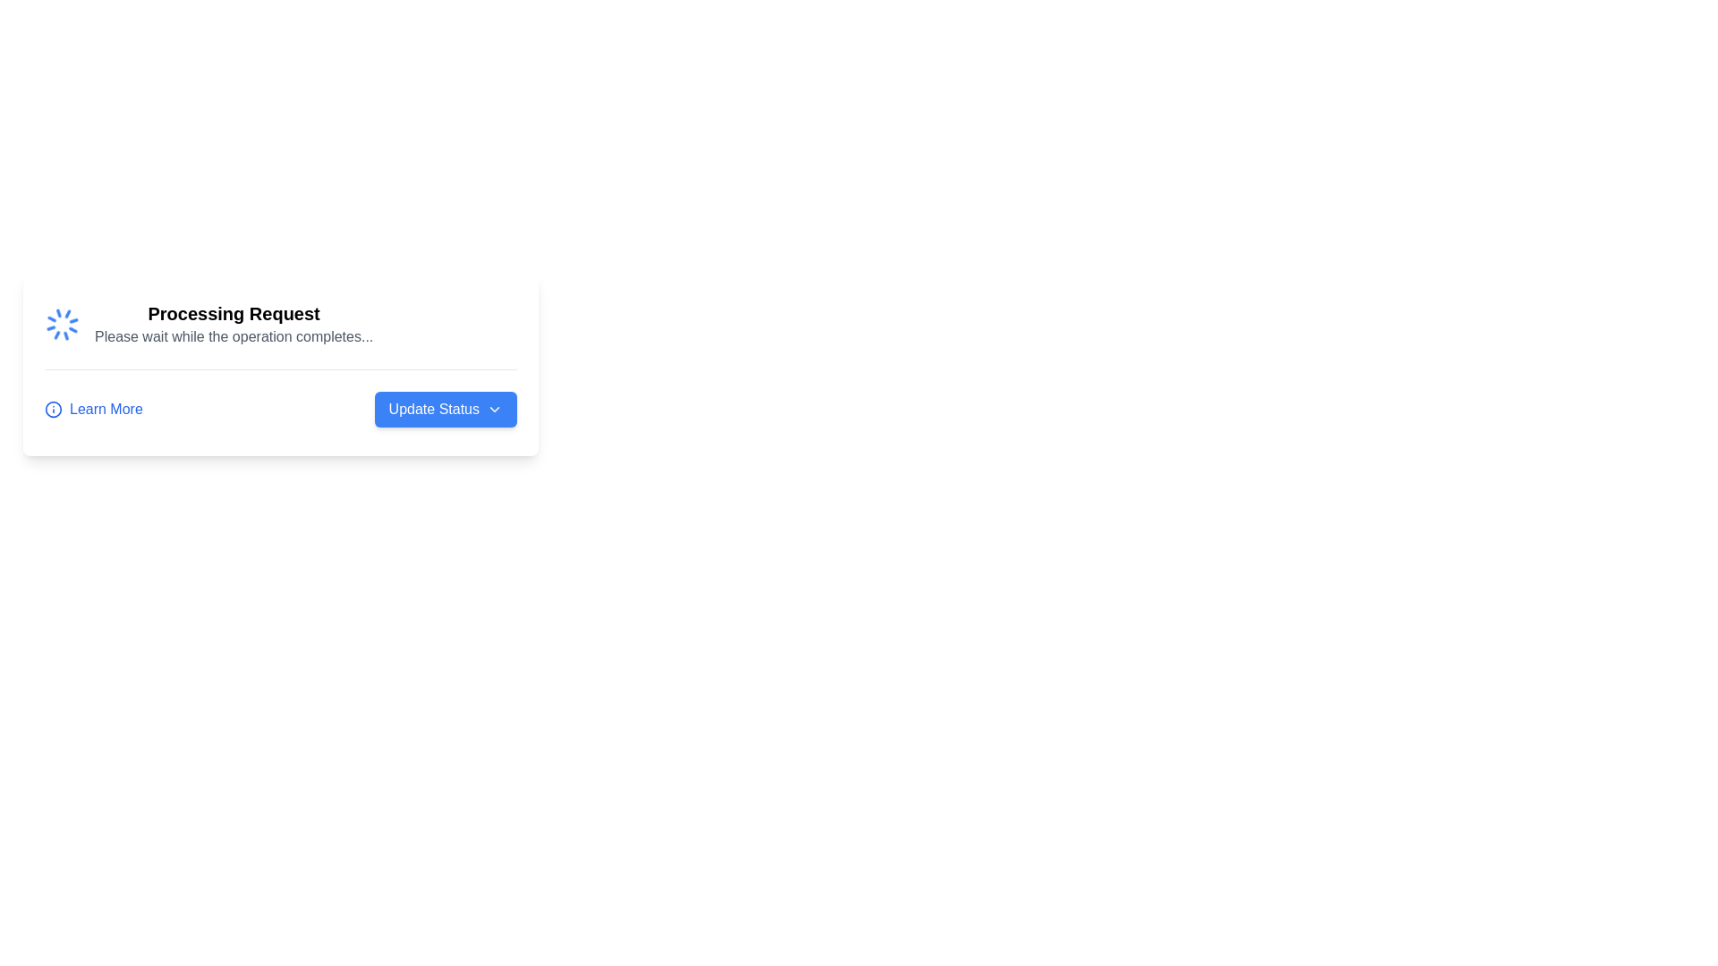  I want to click on the Static Text Component that displays 'Processing Request' in bold black font and 'Please wait while the operation completes...' in gray font, located centrally within the card interface, so click(233, 324).